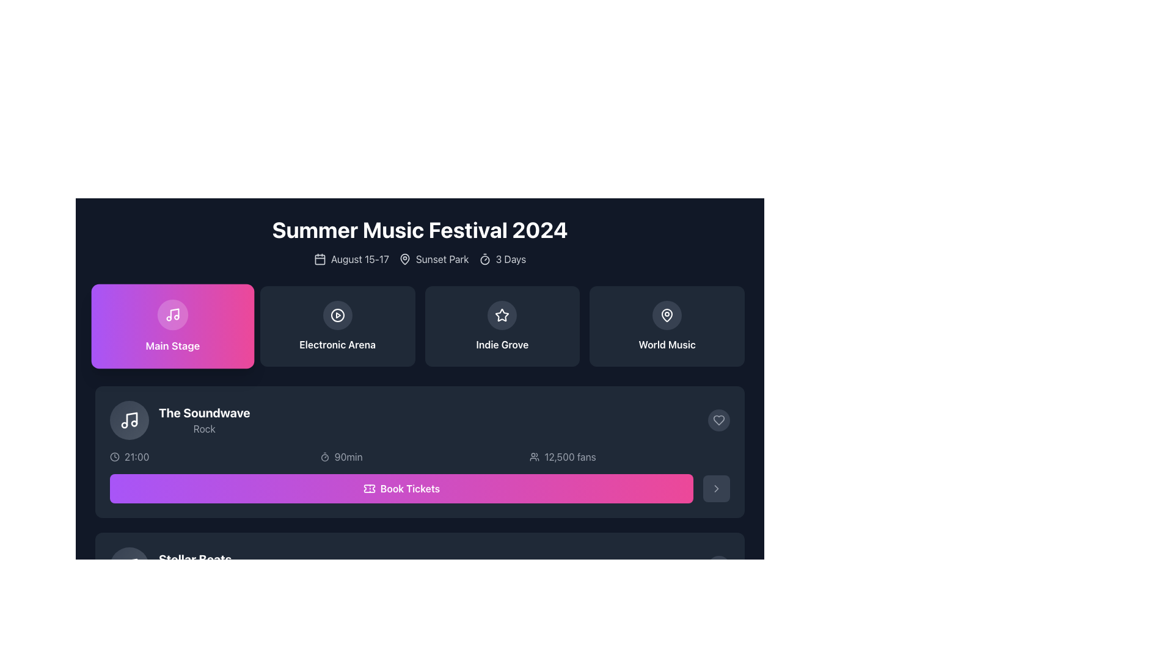  Describe the element at coordinates (324, 456) in the screenshot. I see `the timer icon located in the upper-left section next to the text '90min'` at that location.